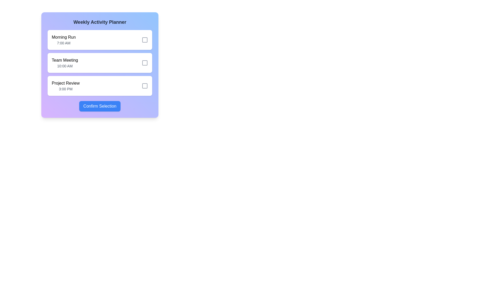 Image resolution: width=502 pixels, height=282 pixels. Describe the element at coordinates (63, 43) in the screenshot. I see `the text displaying the scheduled time for the activity 'Morning Run', located in the first box under the 'Weekly Activity Planner', directly below the title 'Morning Run' and to the left of a checkbox` at that location.